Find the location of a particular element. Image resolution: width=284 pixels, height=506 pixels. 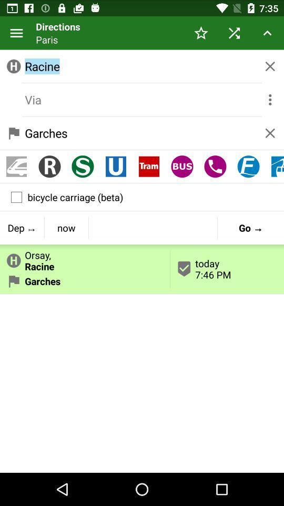

not selectable is located at coordinates (142, 100).